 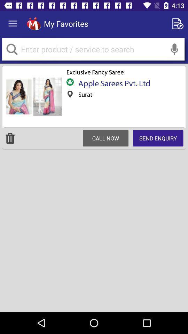 I want to click on images, so click(x=33, y=96).